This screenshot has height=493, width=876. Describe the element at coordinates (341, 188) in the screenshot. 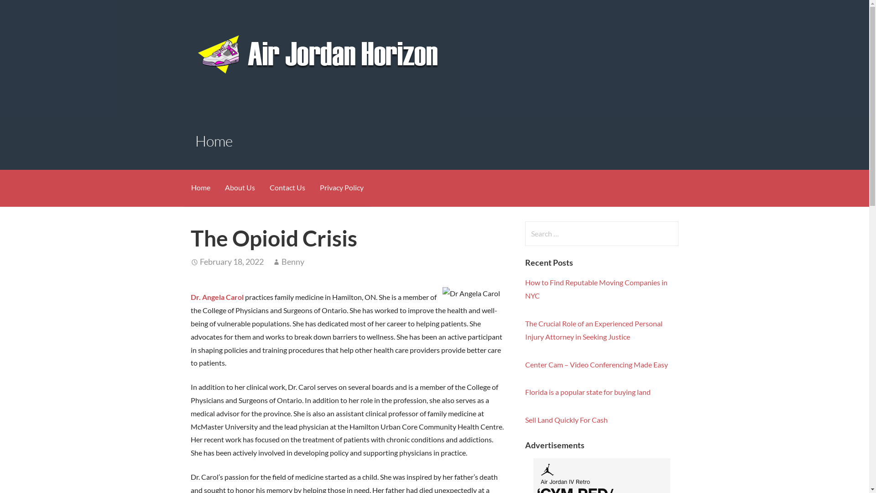

I see `'Privacy Policy'` at that location.